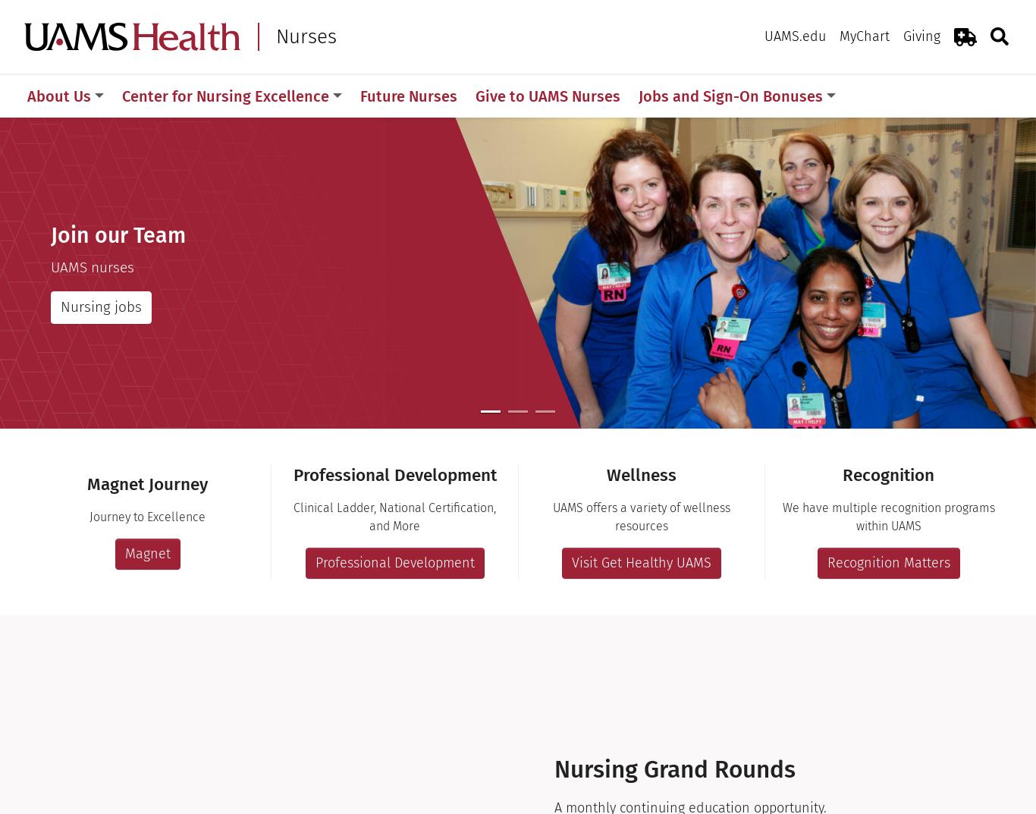 The width and height of the screenshot is (1036, 814). What do you see at coordinates (91, 266) in the screenshot?
I see `'UAMS nurses'` at bounding box center [91, 266].